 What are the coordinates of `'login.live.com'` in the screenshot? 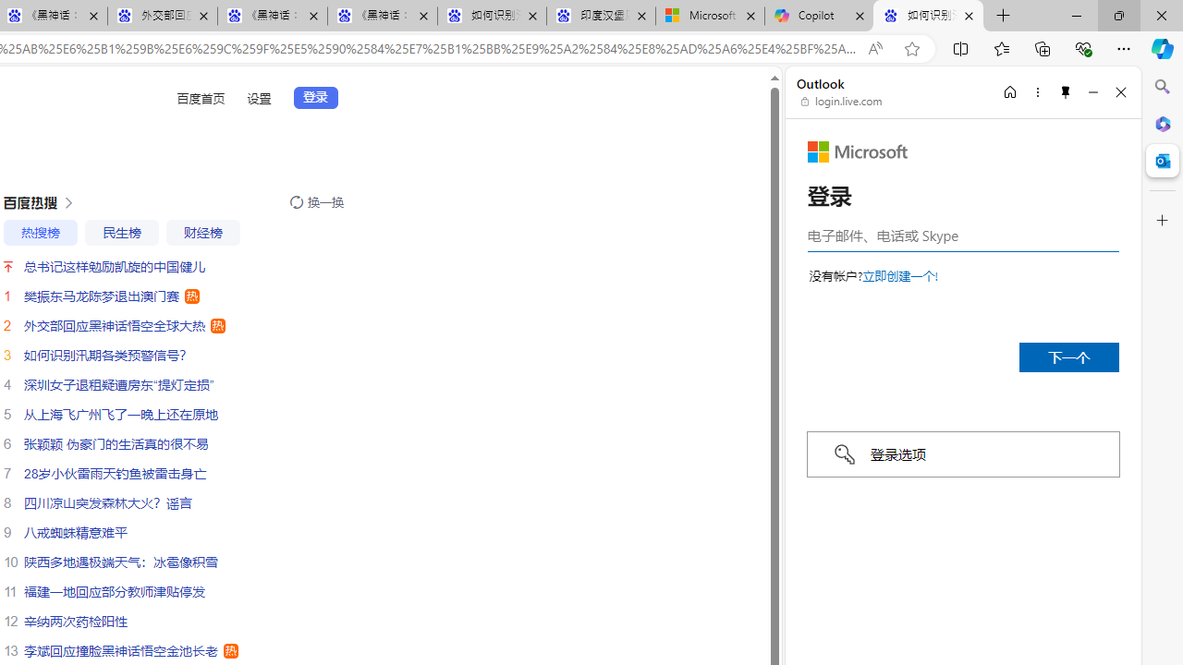 It's located at (841, 102).